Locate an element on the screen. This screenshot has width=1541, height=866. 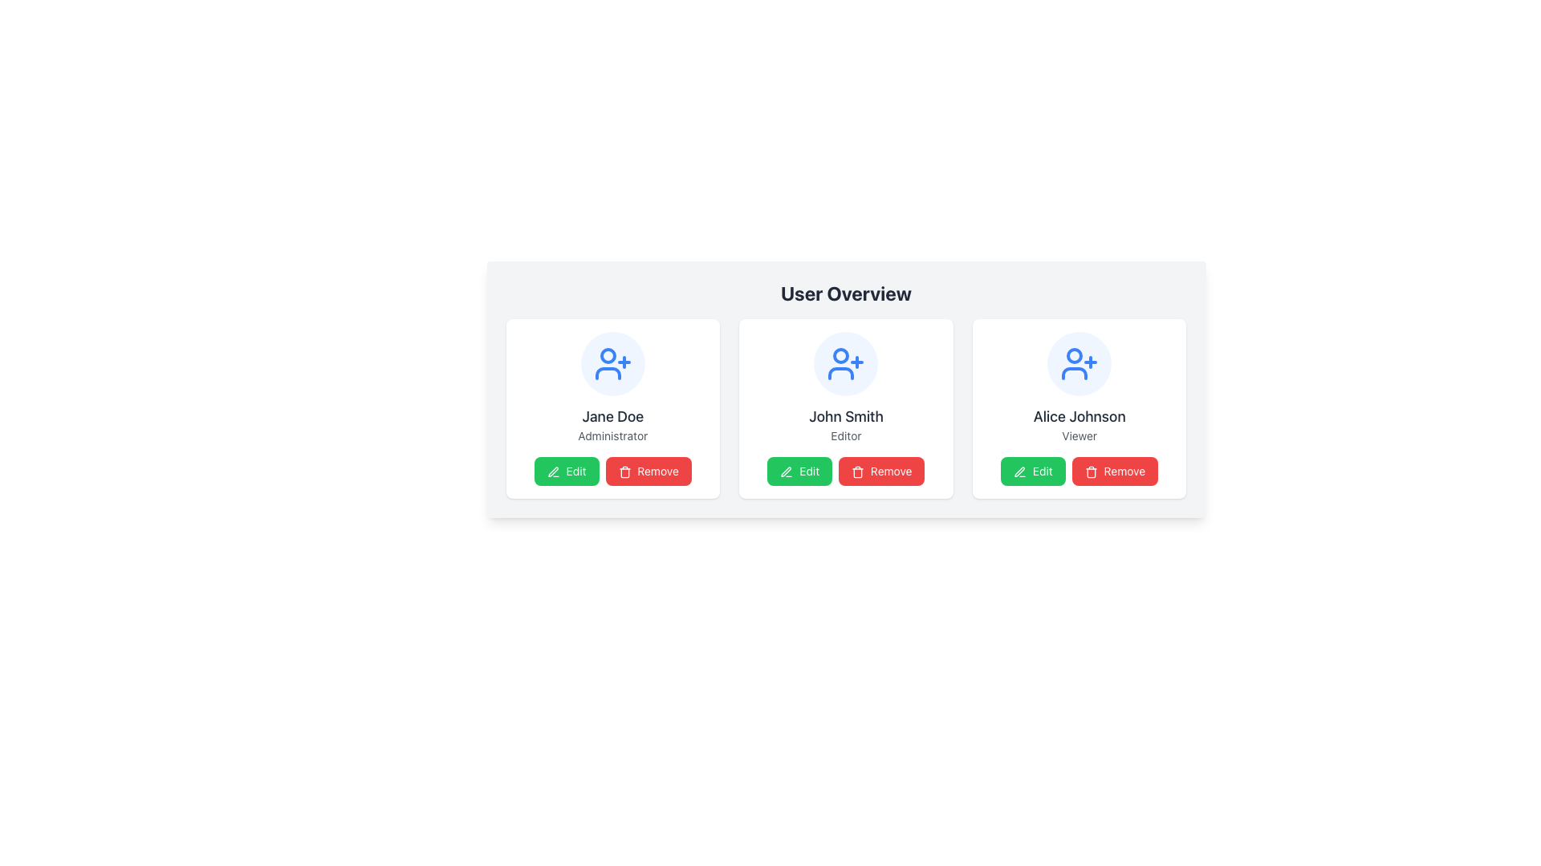
the text label displaying the name 'John Smith' which is centrally positioned within the user card interface is located at coordinates (845, 416).